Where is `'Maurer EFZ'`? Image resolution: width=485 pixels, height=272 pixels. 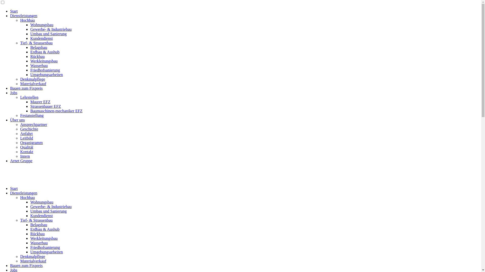 'Maurer EFZ' is located at coordinates (40, 102).